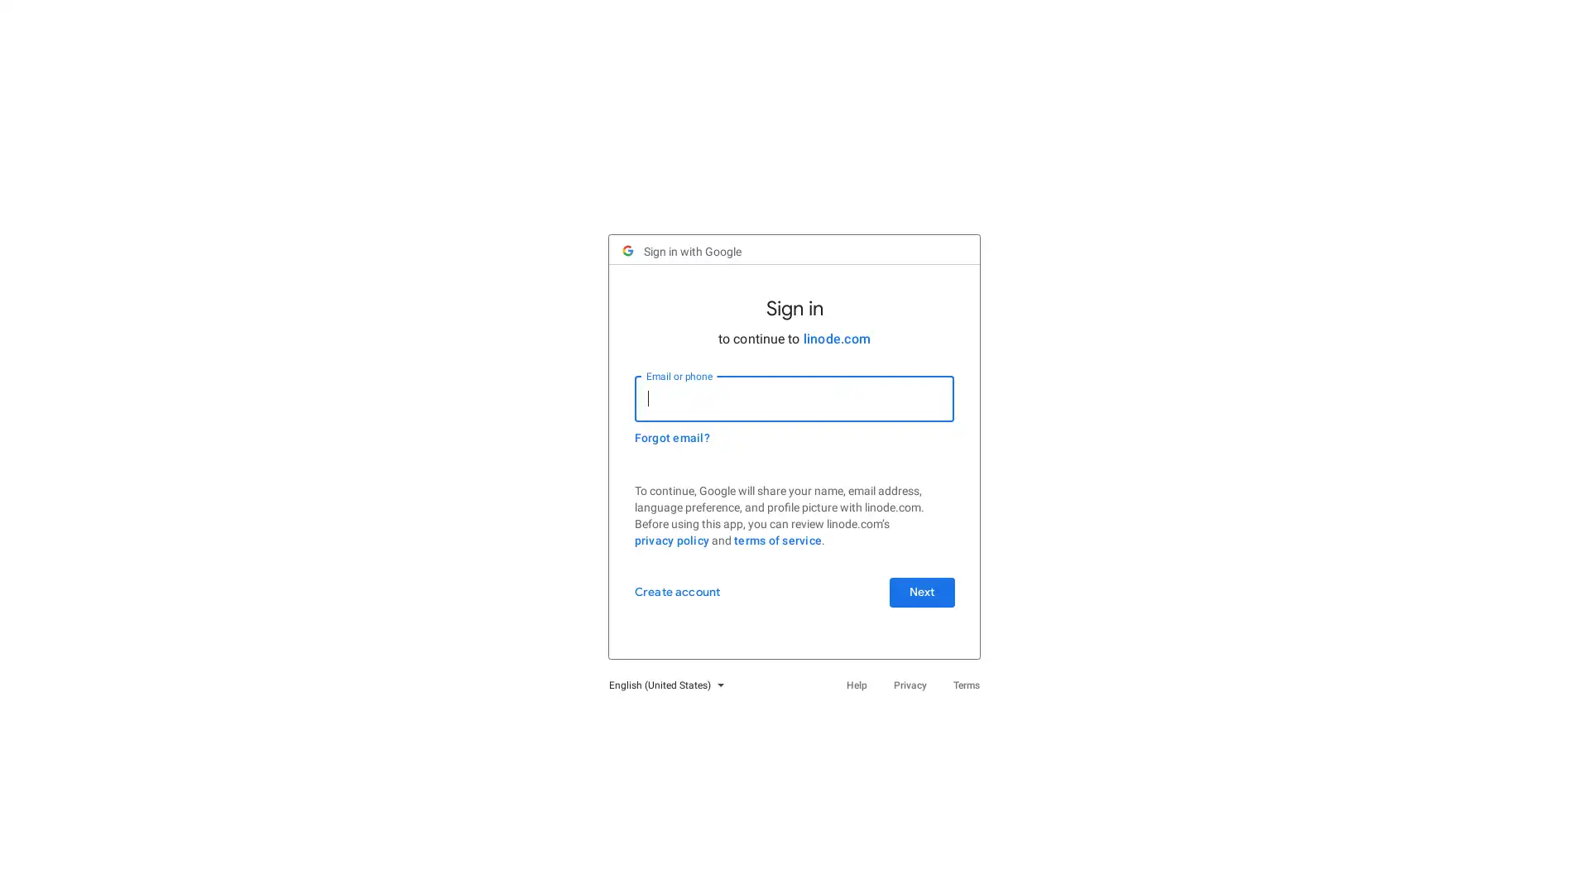 The width and height of the screenshot is (1589, 894). Describe the element at coordinates (837, 344) in the screenshot. I see `linode.com` at that location.